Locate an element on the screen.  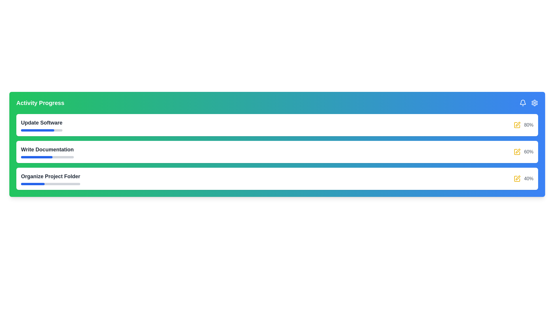
the text display showing the percentage completion of the 'Organize Project Folder' progress bar, located to the right of the yellow edit icon is located at coordinates (529, 178).